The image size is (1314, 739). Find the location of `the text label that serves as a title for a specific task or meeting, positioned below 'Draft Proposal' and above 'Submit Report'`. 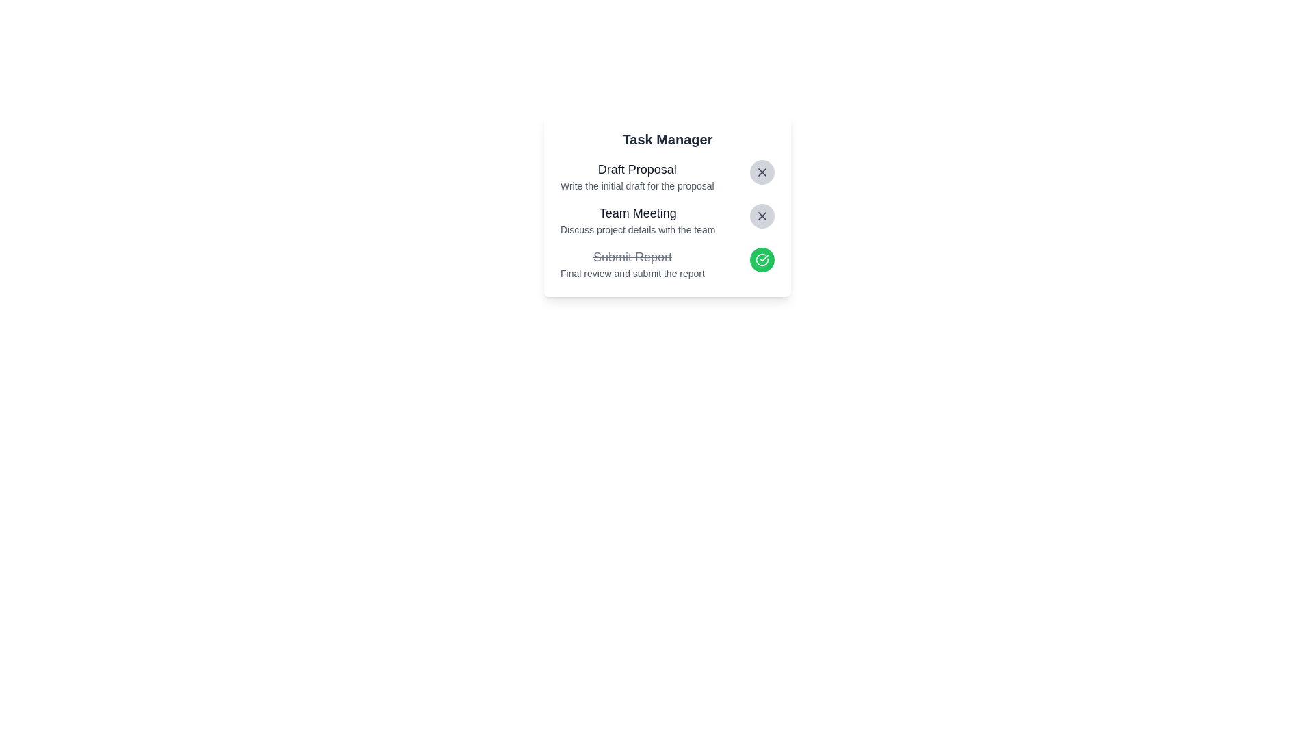

the text label that serves as a title for a specific task or meeting, positioned below 'Draft Proposal' and above 'Submit Report' is located at coordinates (637, 219).